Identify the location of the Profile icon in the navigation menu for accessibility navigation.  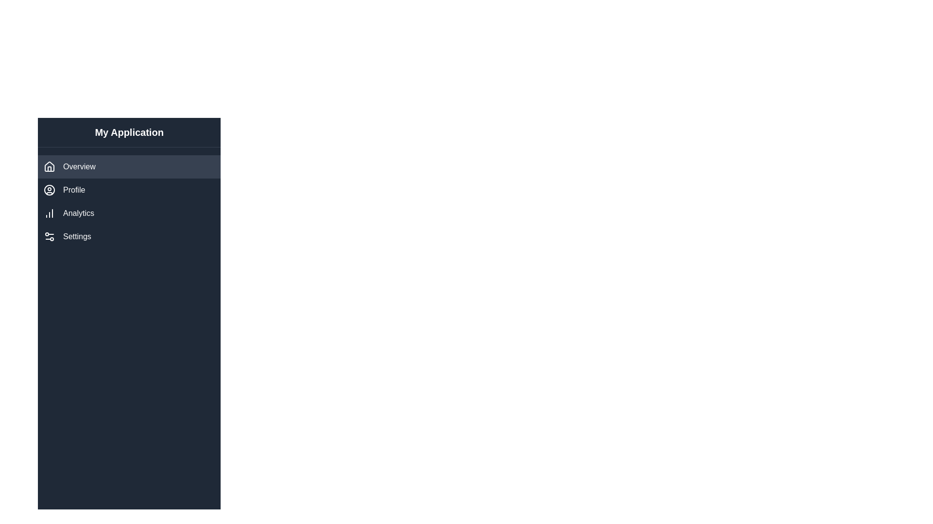
(49, 190).